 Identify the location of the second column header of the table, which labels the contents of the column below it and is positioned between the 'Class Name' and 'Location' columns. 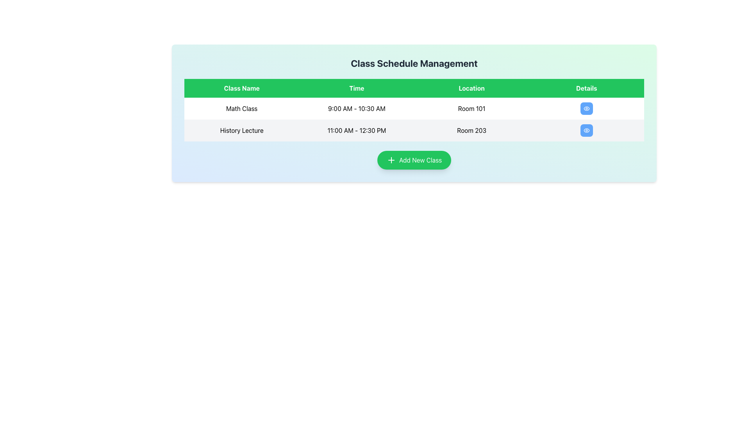
(356, 88).